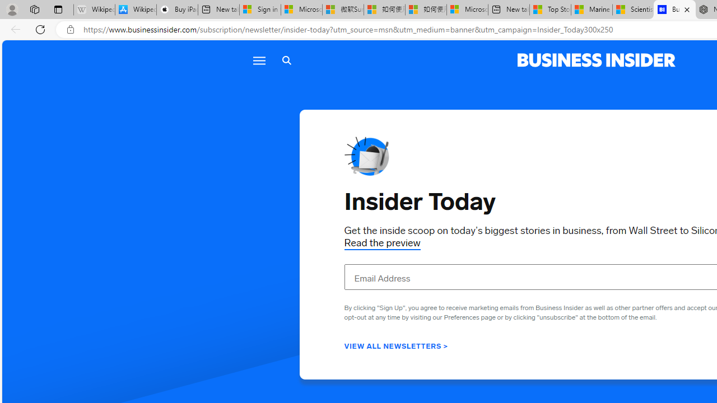 Image resolution: width=717 pixels, height=403 pixels. Describe the element at coordinates (396, 345) in the screenshot. I see `'VIEW ALL NEWSLETTERS >'` at that location.